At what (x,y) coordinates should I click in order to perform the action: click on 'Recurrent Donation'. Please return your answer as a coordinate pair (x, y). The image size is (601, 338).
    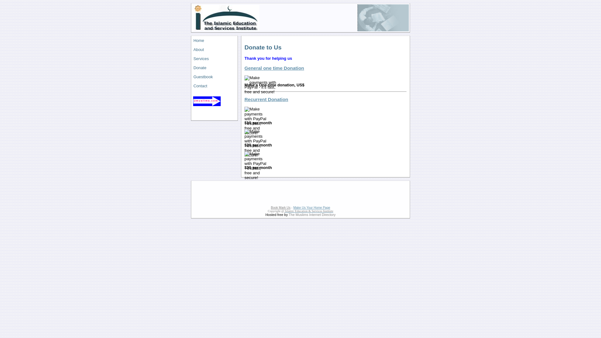
    Looking at the image, I should click on (266, 99).